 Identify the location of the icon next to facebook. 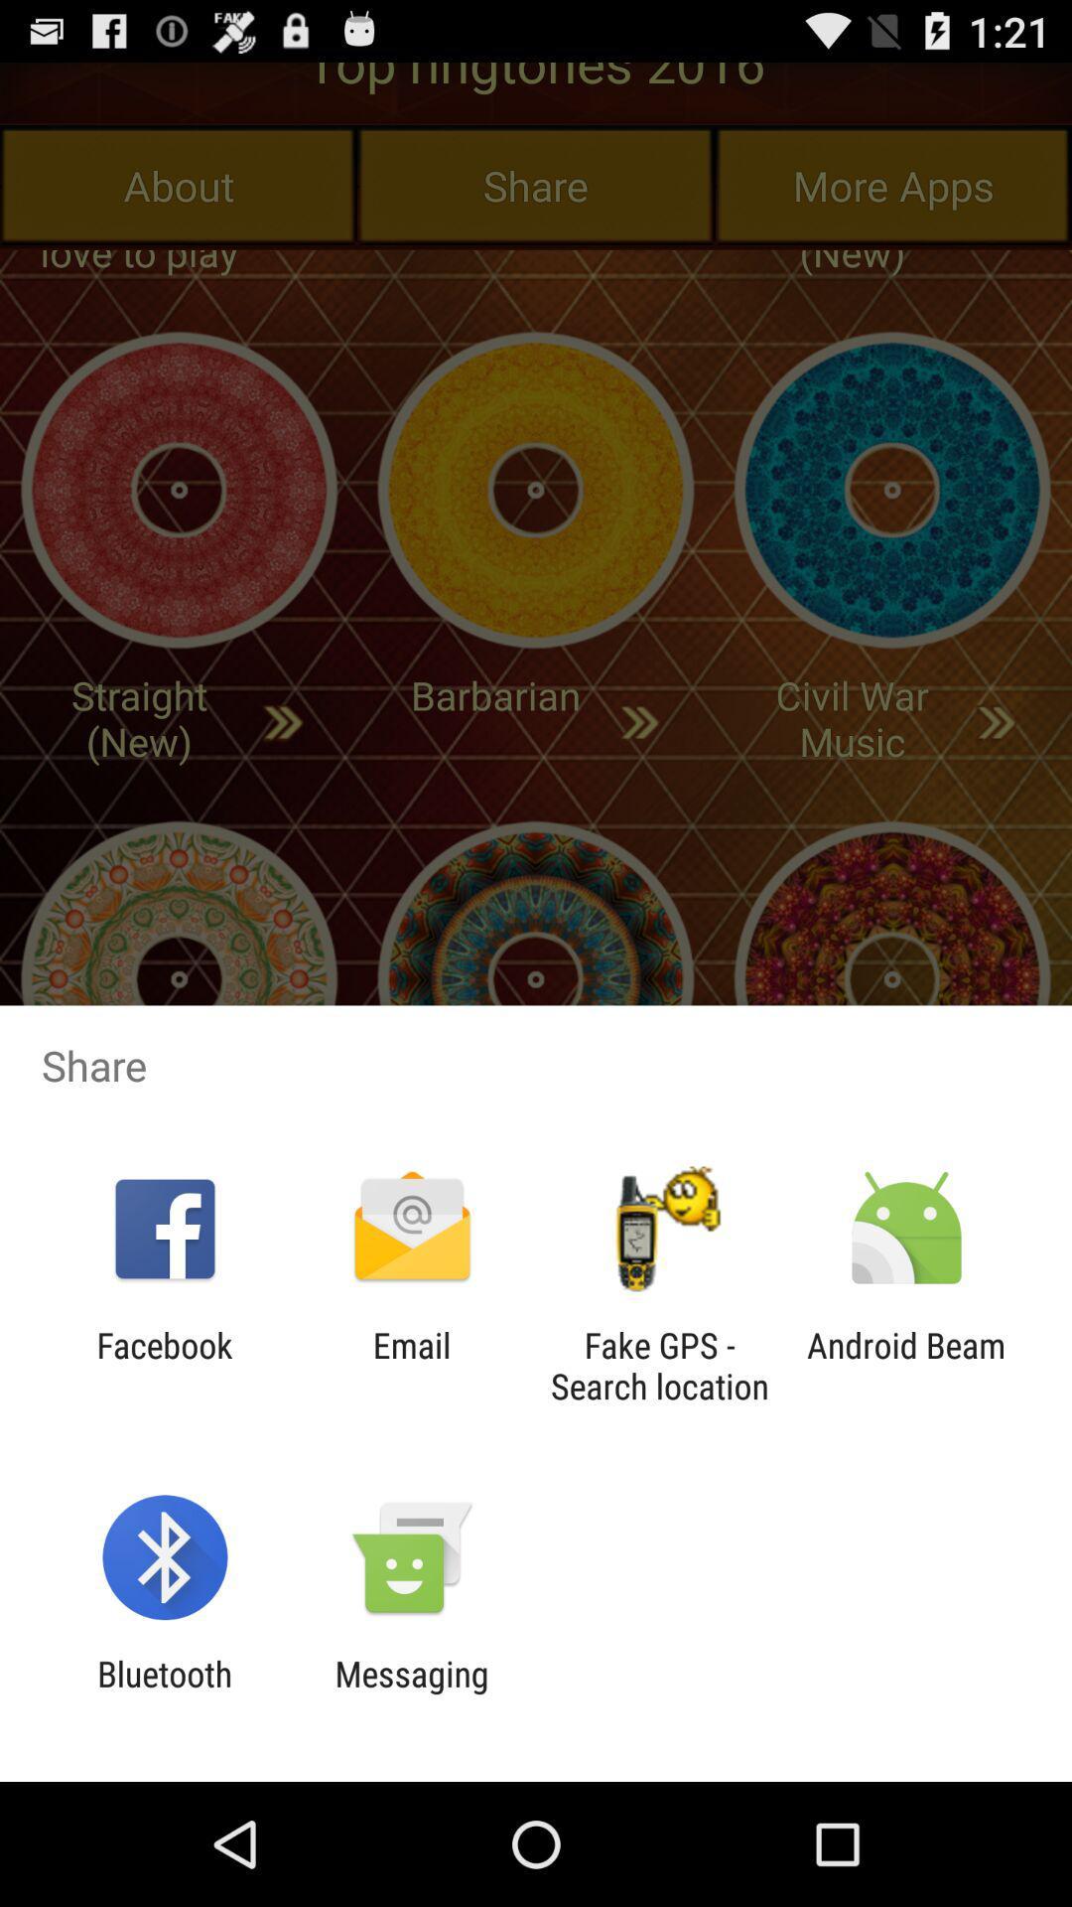
(411, 1365).